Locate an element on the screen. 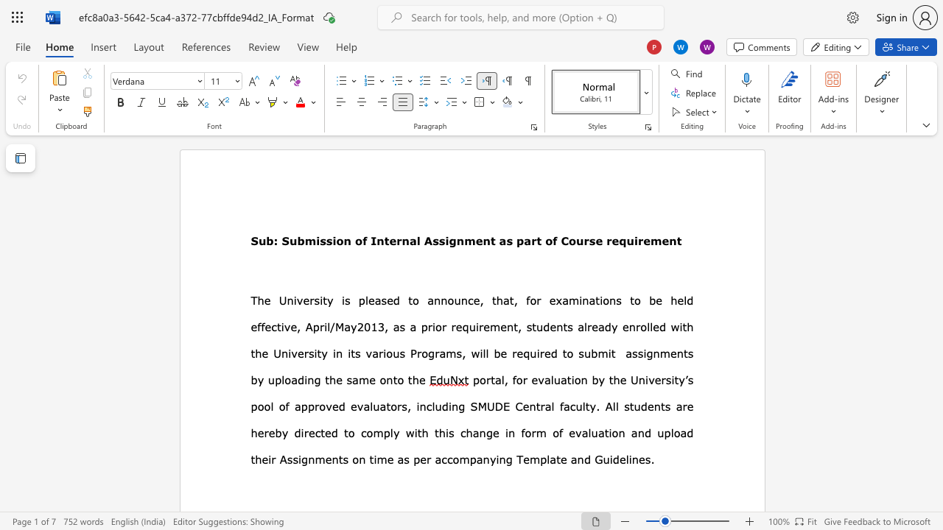  the 2th character "d" in the text is located at coordinates (662, 326).